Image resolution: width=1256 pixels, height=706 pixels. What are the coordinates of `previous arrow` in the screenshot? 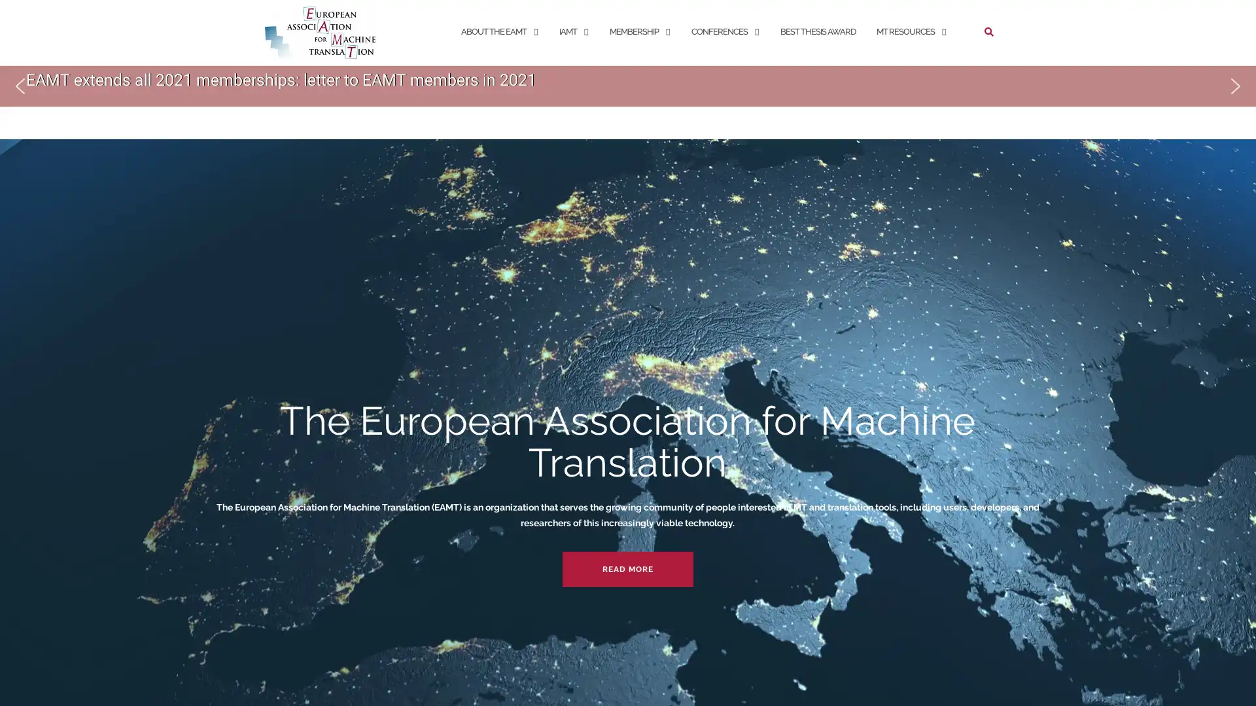 It's located at (20, 86).